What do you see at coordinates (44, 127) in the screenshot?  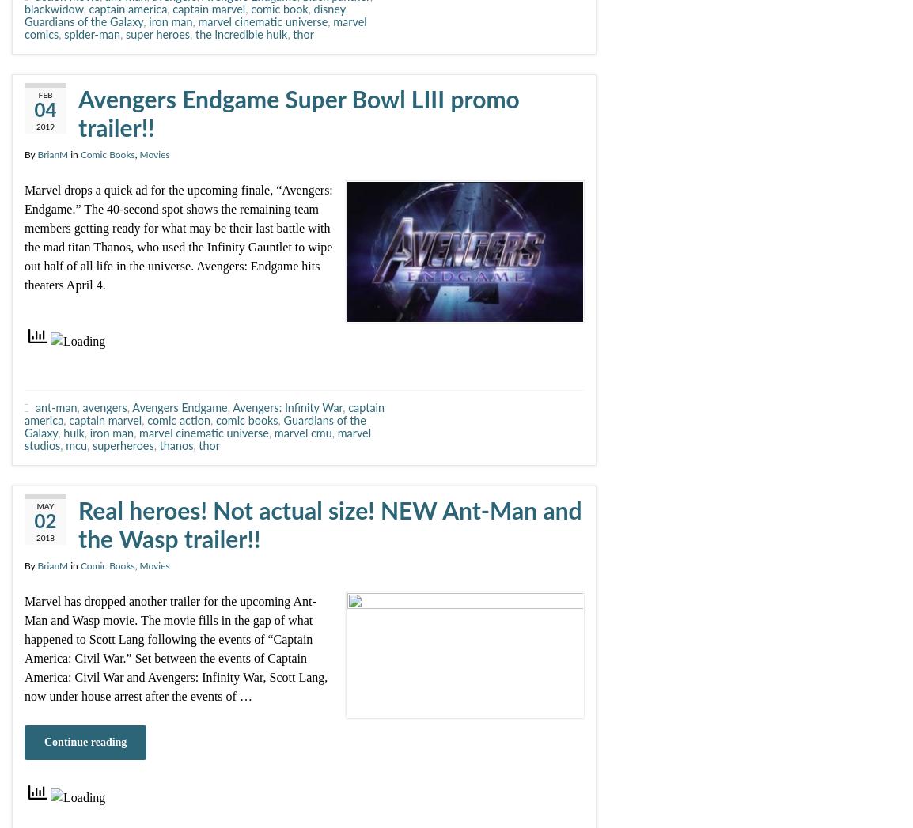 I see `'2019'` at bounding box center [44, 127].